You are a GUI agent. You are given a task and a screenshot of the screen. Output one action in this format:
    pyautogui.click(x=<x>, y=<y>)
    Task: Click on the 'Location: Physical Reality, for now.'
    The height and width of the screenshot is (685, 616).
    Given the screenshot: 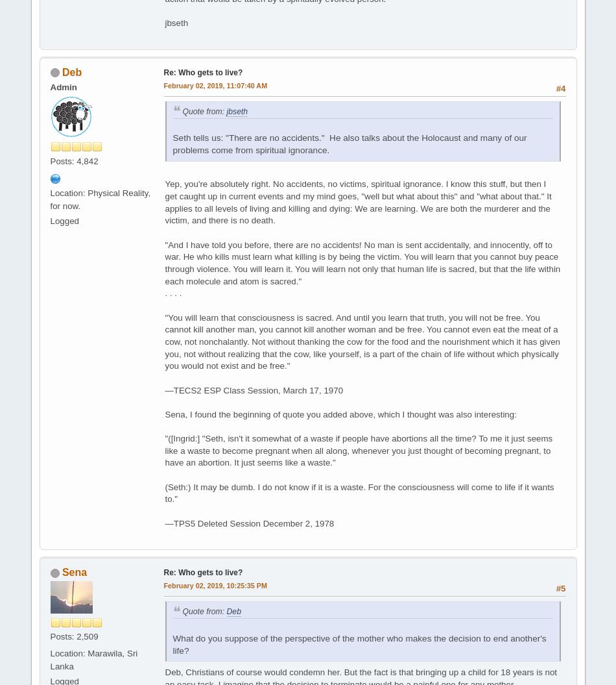 What is the action you would take?
    pyautogui.click(x=100, y=199)
    